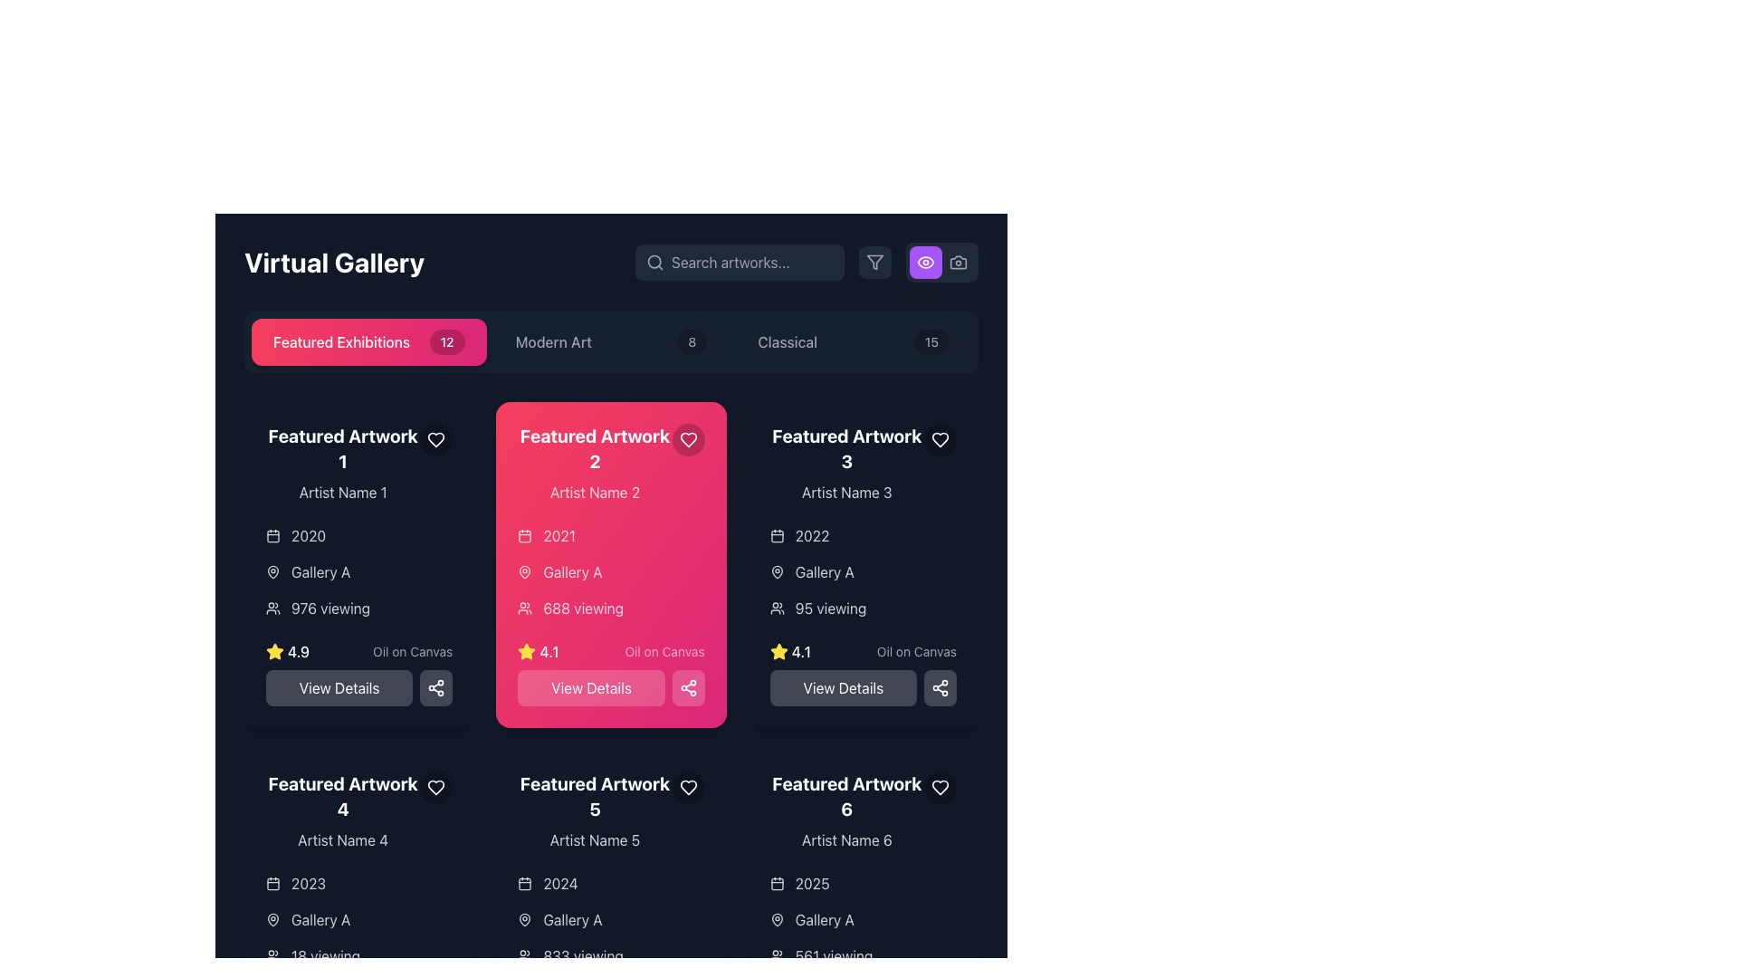  What do you see at coordinates (611, 674) in the screenshot?
I see `the 'View Details' button, which is a rectangular button with white text on a pink background, located at the bottom of the card titled 'Featured Artwork 2'` at bounding box center [611, 674].